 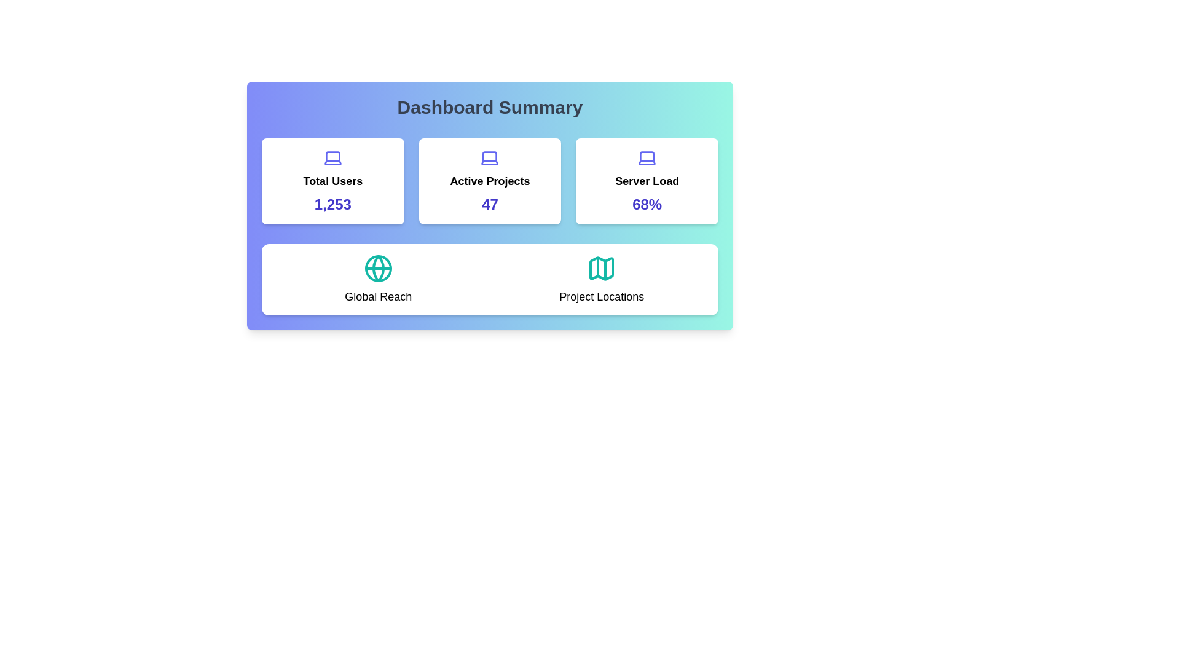 What do you see at coordinates (489, 157) in the screenshot?
I see `the icon representing the 'Active Projects' category in the dashboard, located in the center of the first row above the text '47'` at bounding box center [489, 157].